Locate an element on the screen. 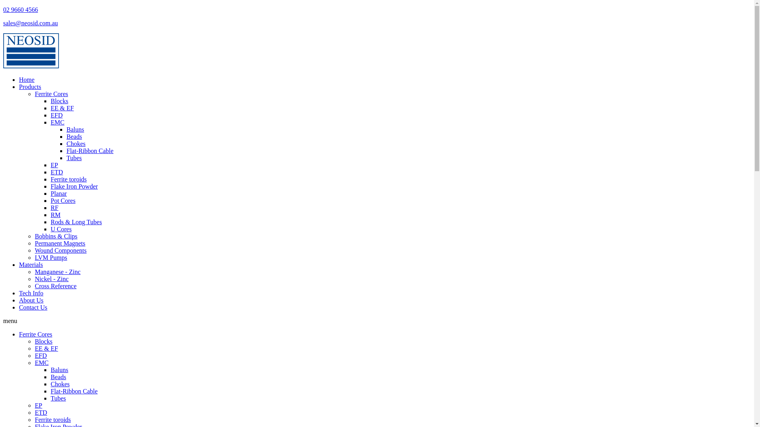 This screenshot has height=427, width=760. 'ETD' is located at coordinates (56, 172).